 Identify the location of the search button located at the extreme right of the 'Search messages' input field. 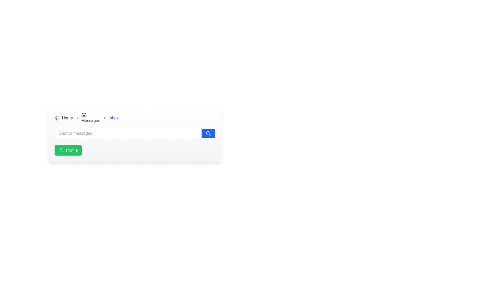
(208, 133).